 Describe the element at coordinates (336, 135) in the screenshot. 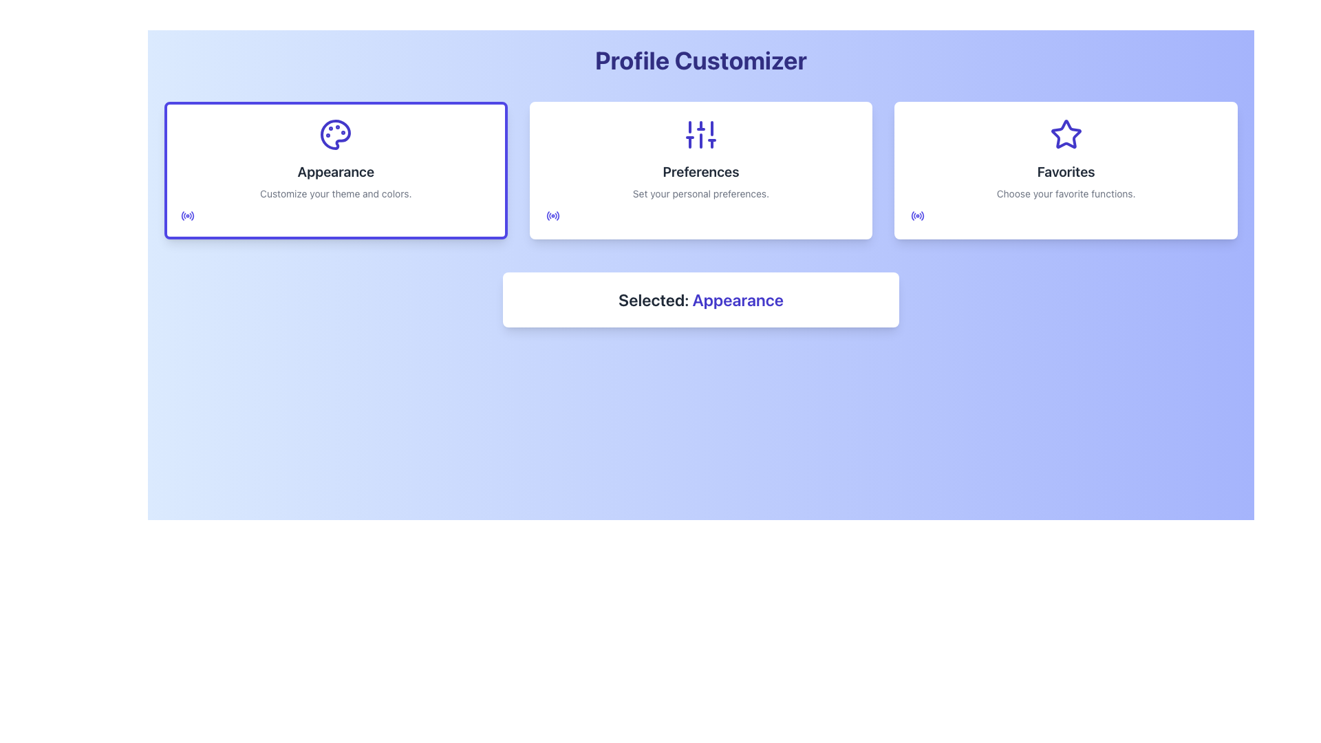

I see `the painter's palette icon located within the 'Appearance' card` at that location.